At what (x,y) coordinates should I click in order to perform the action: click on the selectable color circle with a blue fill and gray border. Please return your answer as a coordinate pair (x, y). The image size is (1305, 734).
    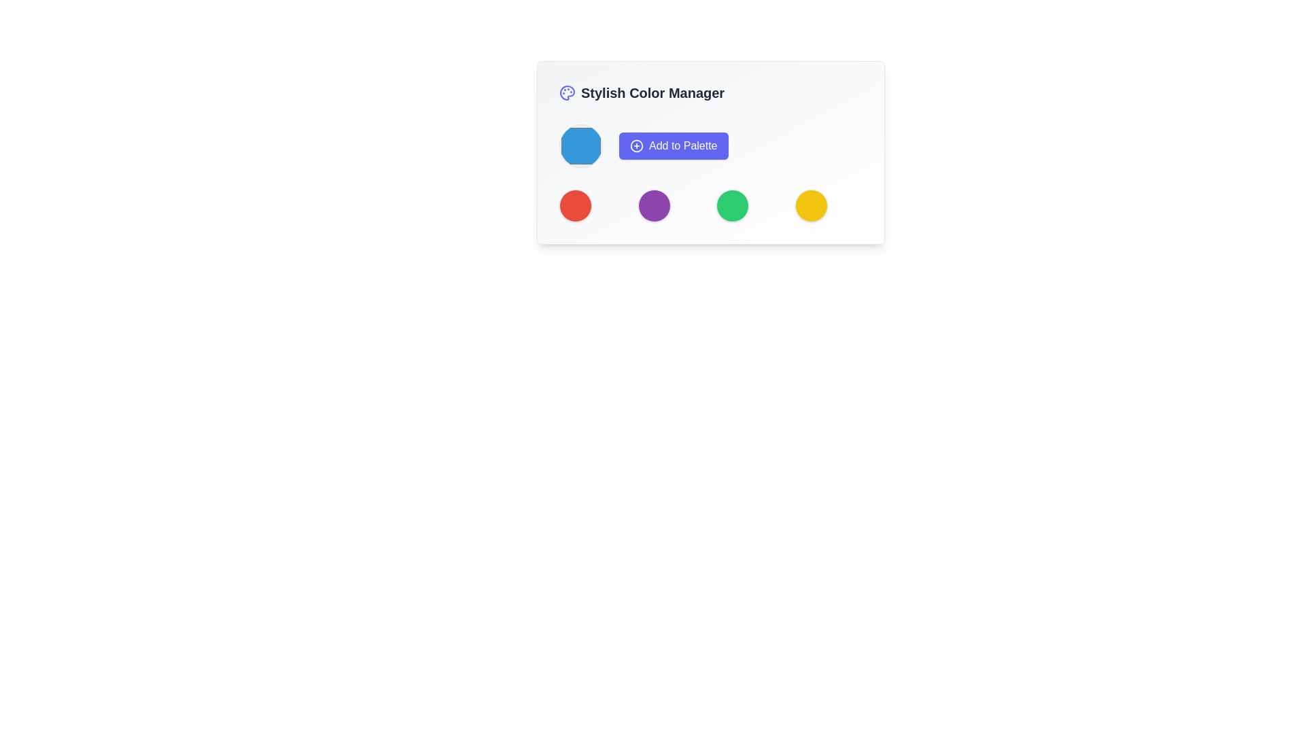
    Looking at the image, I should click on (580, 146).